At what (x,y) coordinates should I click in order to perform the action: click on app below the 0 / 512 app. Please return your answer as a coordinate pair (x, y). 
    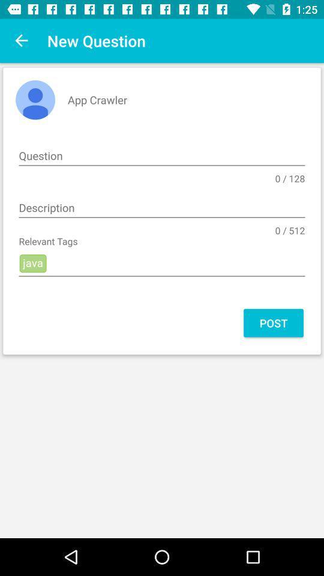
    Looking at the image, I should click on (162, 263).